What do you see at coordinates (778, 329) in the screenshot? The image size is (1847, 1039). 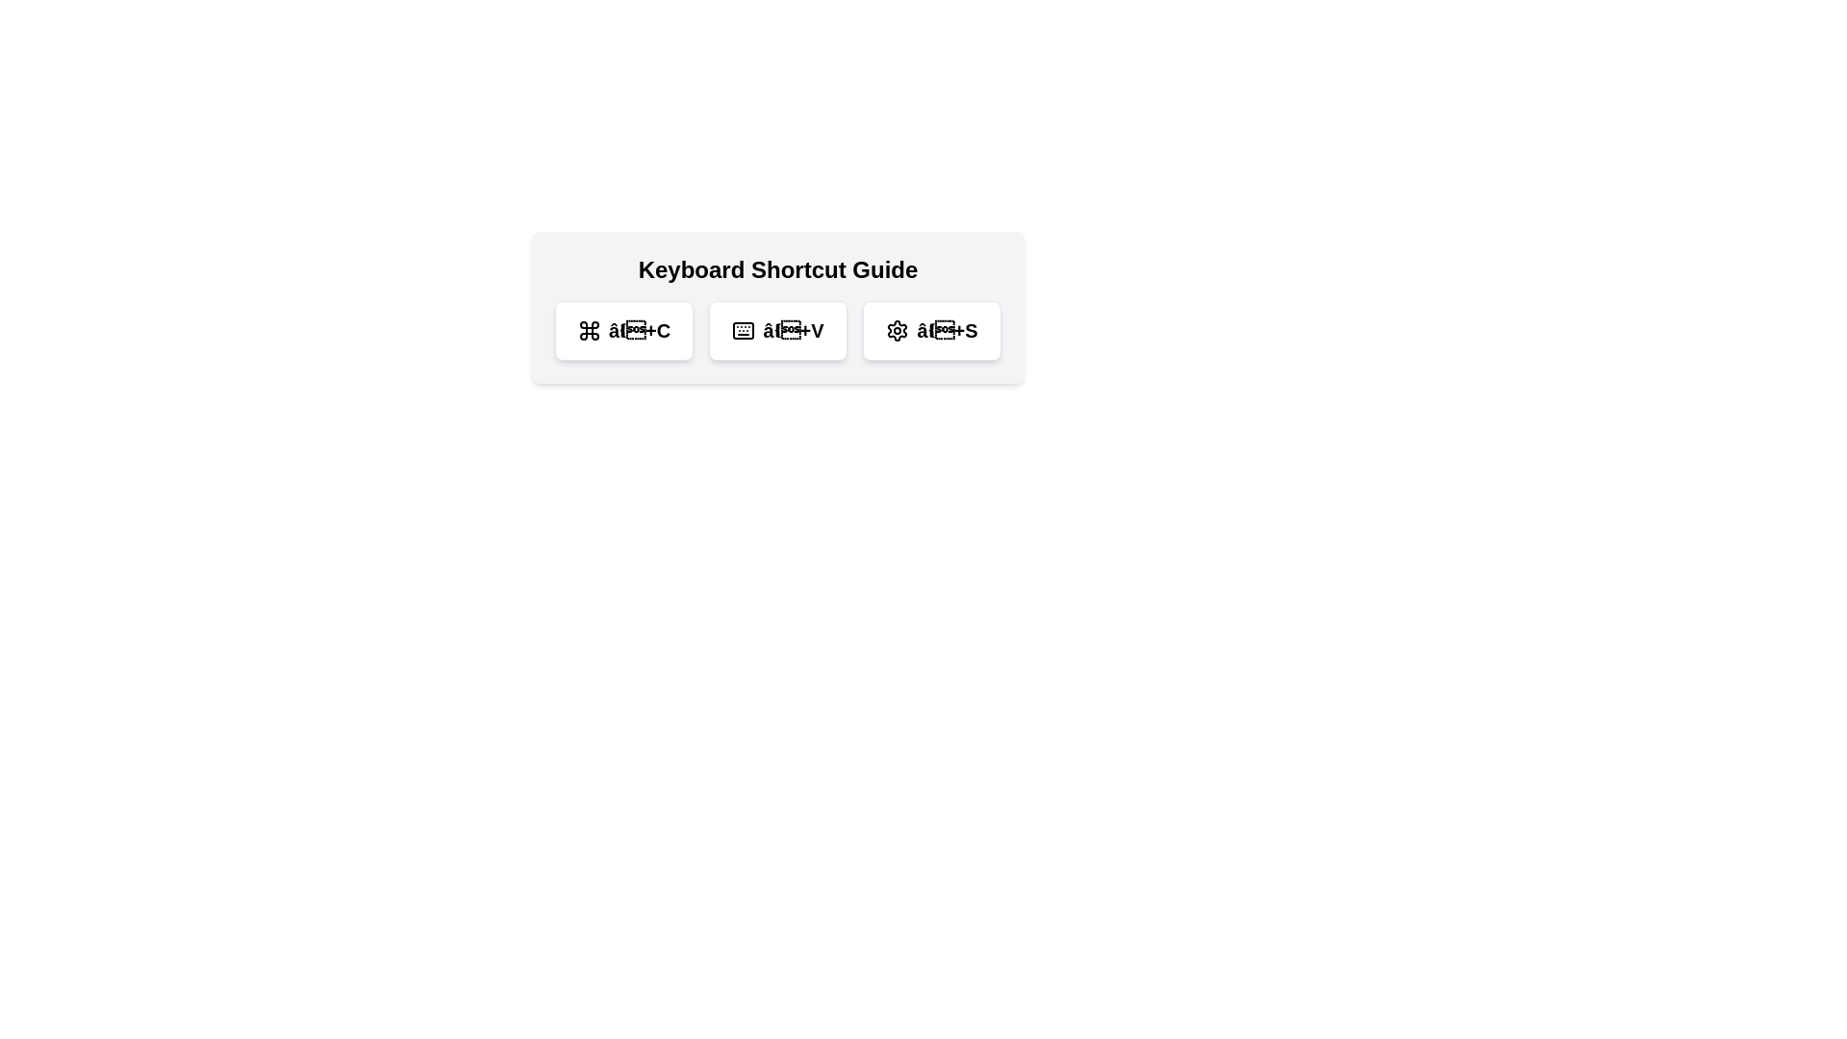 I see `the second button labeled with the keyboard shortcut ⌘+V, which is located below the title 'Keyboard Shortcut Guide' in a card layout` at bounding box center [778, 329].